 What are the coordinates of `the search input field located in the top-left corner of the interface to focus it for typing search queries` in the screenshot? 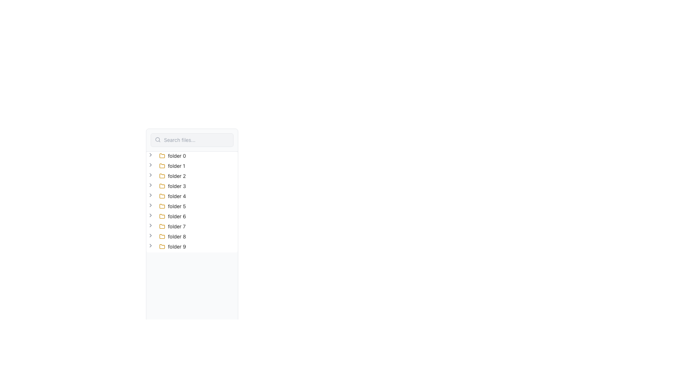 It's located at (192, 140).